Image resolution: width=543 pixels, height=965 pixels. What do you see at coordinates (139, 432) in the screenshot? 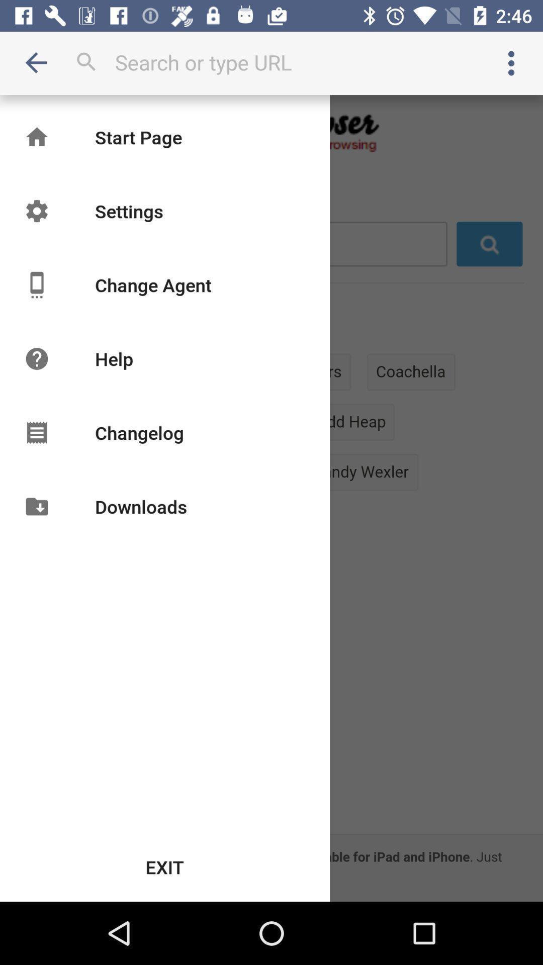
I see `the changelog` at bounding box center [139, 432].